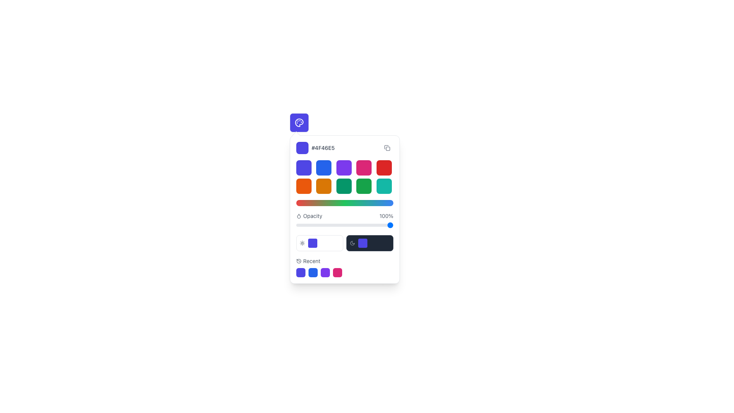 The height and width of the screenshot is (413, 734). What do you see at coordinates (352, 243) in the screenshot?
I see `the crescent moon icon in the bottom right corner of the compact settings panel` at bounding box center [352, 243].